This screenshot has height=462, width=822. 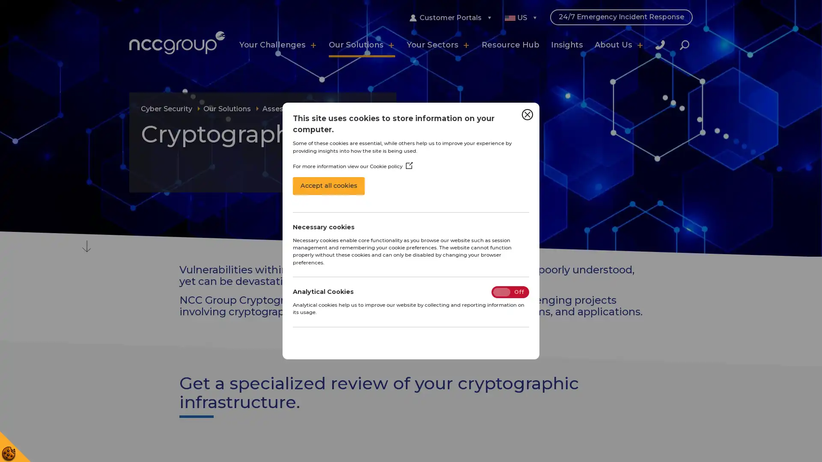 What do you see at coordinates (686, 45) in the screenshot?
I see `Search` at bounding box center [686, 45].